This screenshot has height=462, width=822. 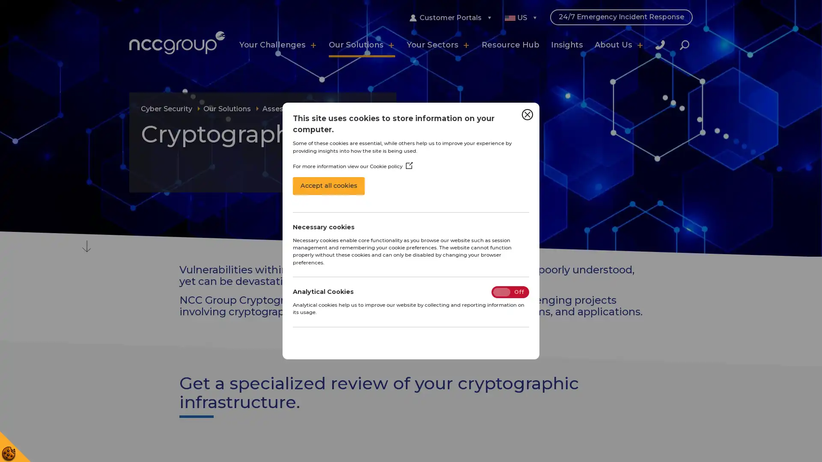 What do you see at coordinates (686, 45) in the screenshot?
I see `Search` at bounding box center [686, 45].